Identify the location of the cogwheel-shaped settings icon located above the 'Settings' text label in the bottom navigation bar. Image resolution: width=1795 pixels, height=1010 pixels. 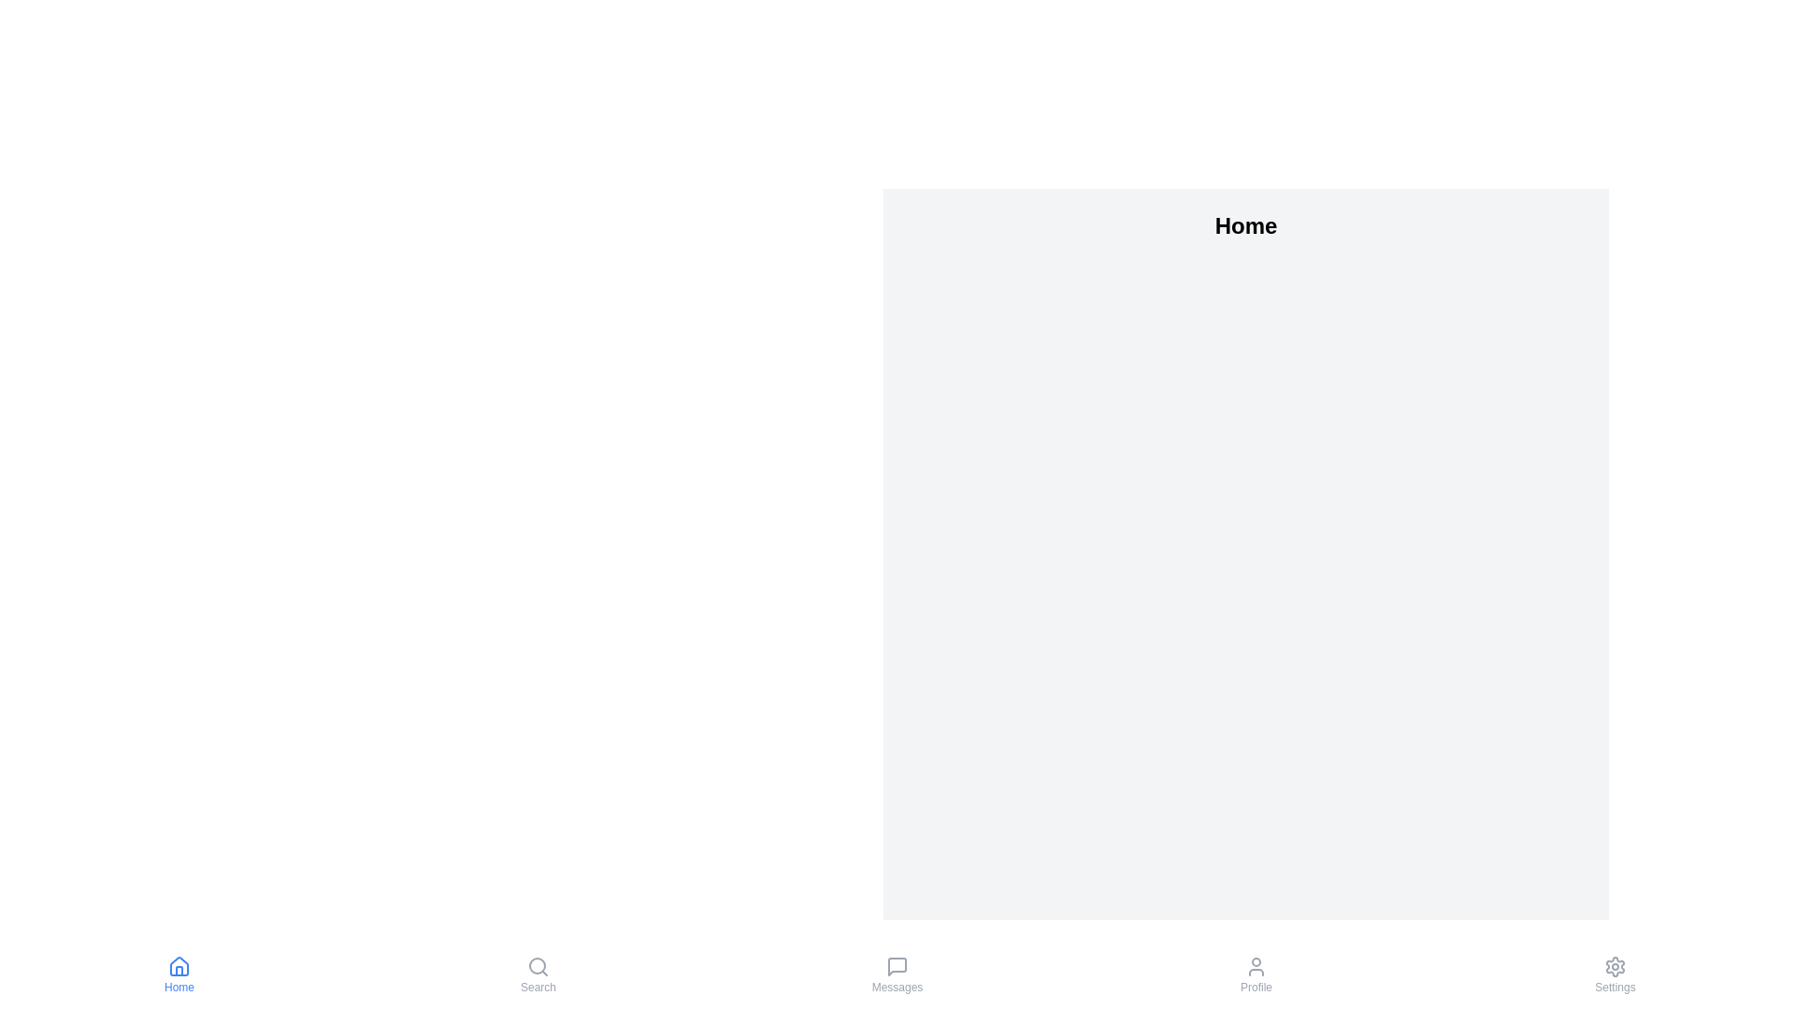
(1615, 966).